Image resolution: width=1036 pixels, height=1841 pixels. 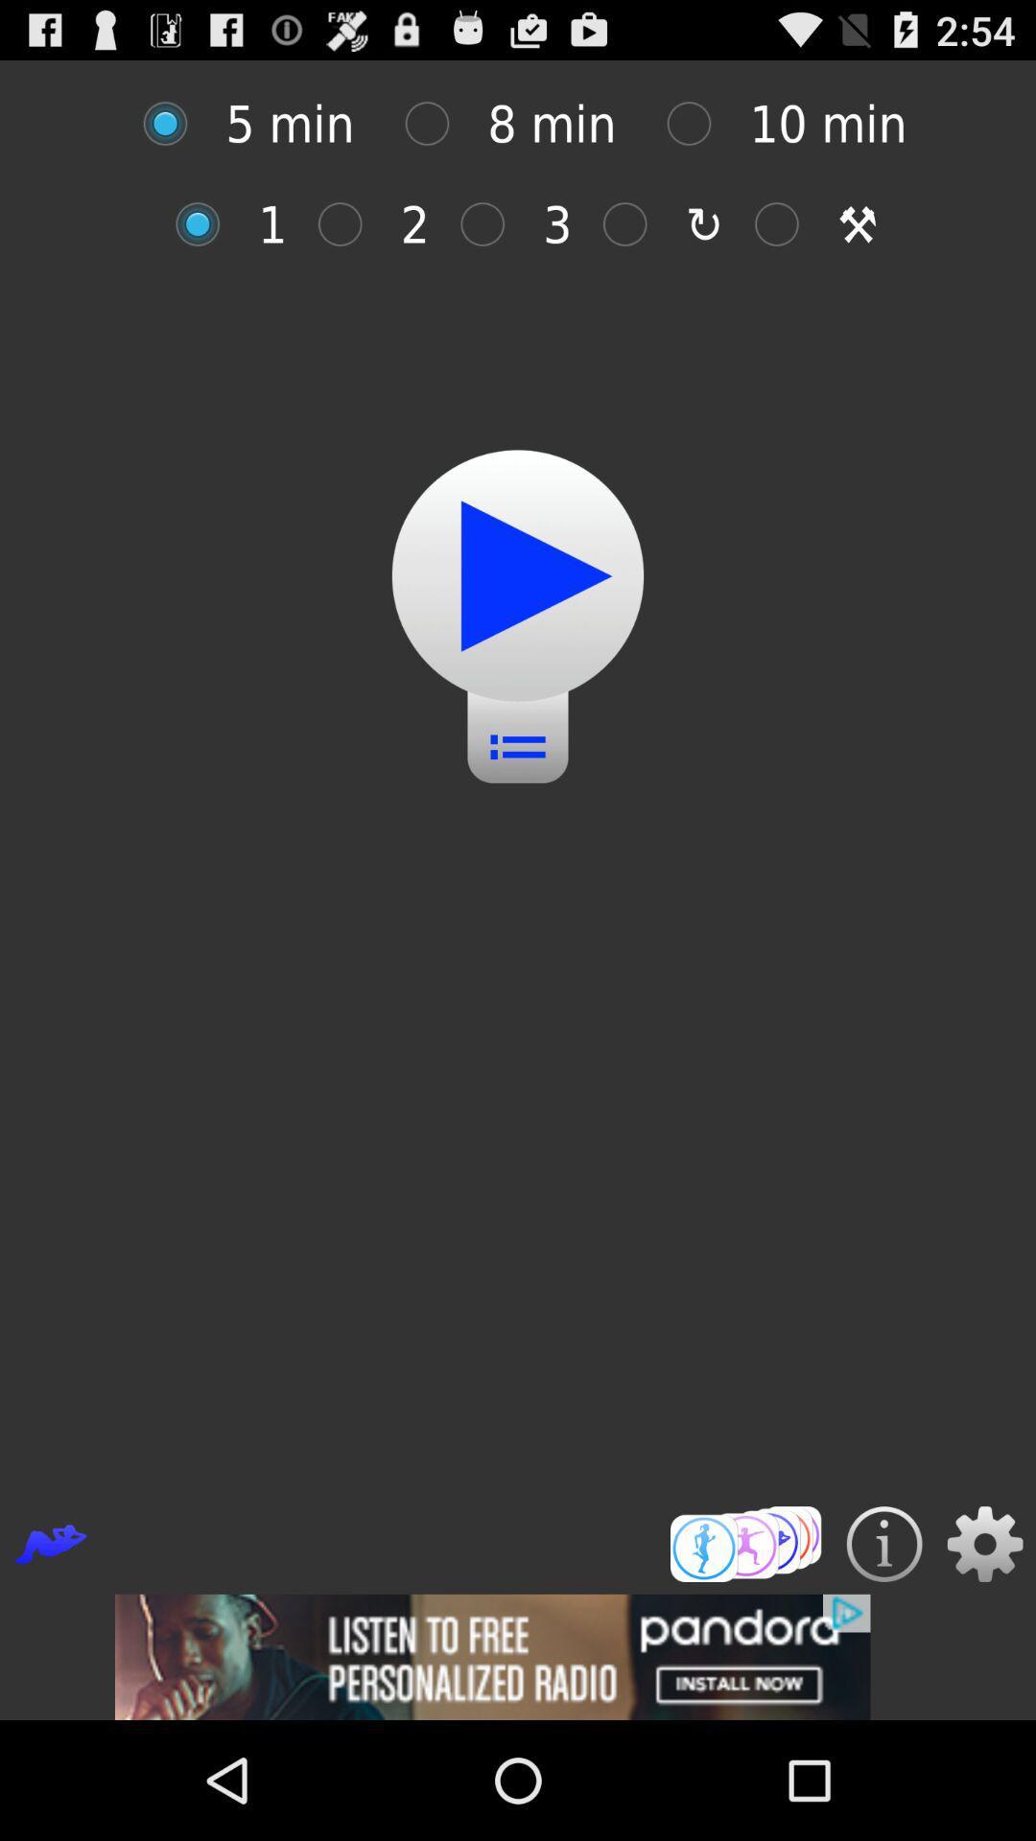 I want to click on duration, so click(x=699, y=123).